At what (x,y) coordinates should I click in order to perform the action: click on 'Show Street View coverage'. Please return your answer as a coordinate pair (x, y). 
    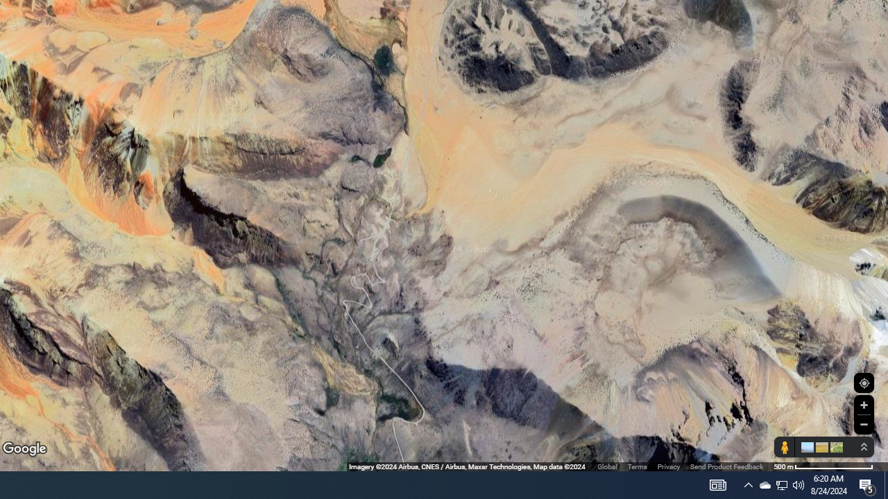
    Looking at the image, I should click on (784, 447).